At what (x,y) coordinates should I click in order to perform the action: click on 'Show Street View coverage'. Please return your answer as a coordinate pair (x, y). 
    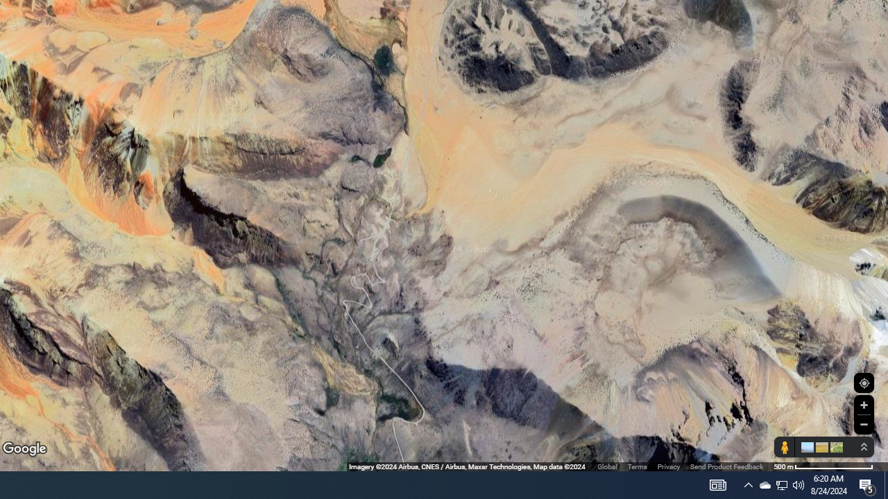
    Looking at the image, I should click on (784, 447).